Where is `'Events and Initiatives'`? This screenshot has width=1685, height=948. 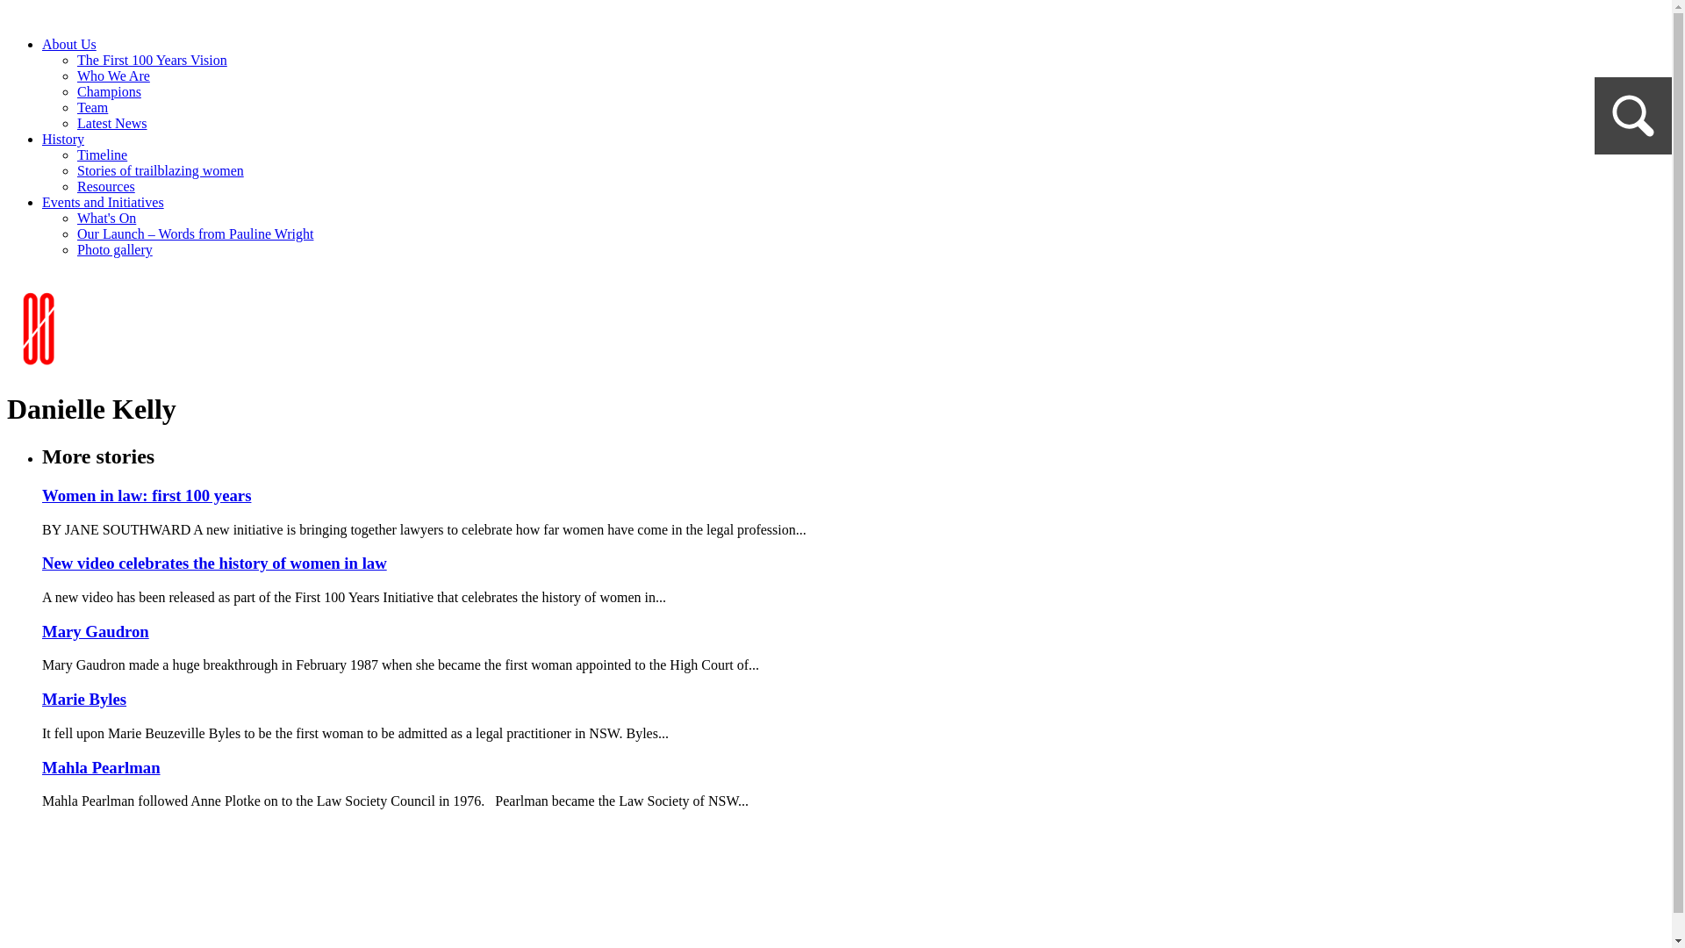
'Events and Initiatives' is located at coordinates (102, 201).